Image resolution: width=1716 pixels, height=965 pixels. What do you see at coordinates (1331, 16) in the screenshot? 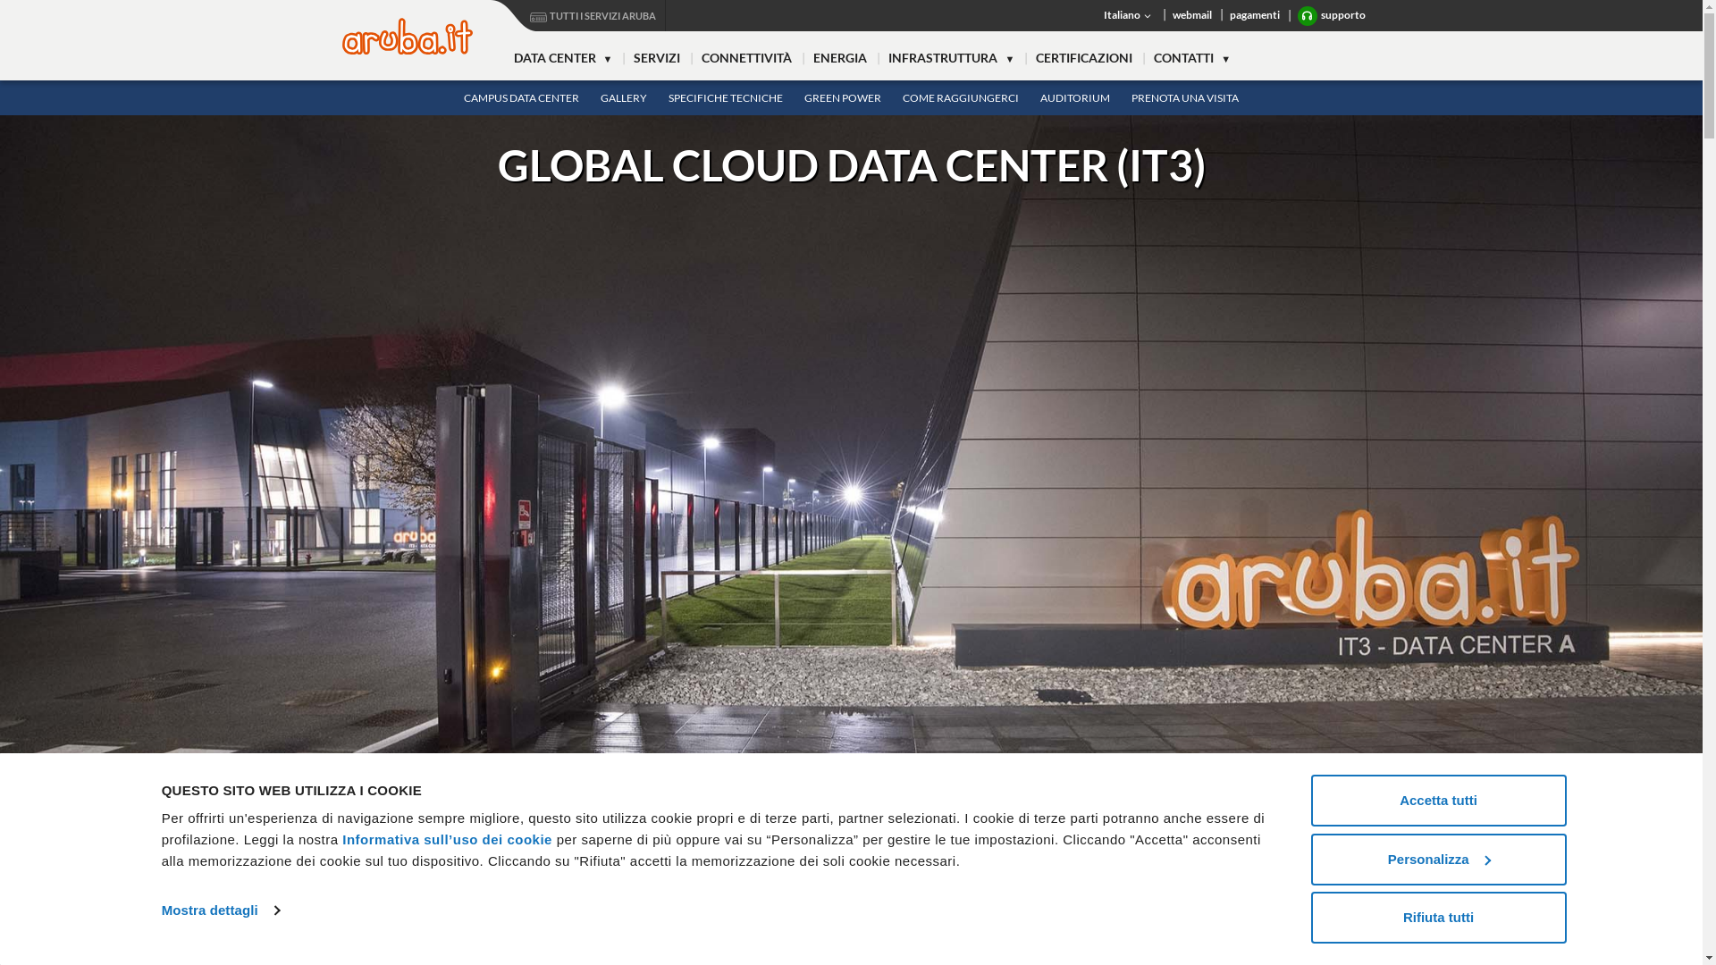
I see `' supporto'` at bounding box center [1331, 16].